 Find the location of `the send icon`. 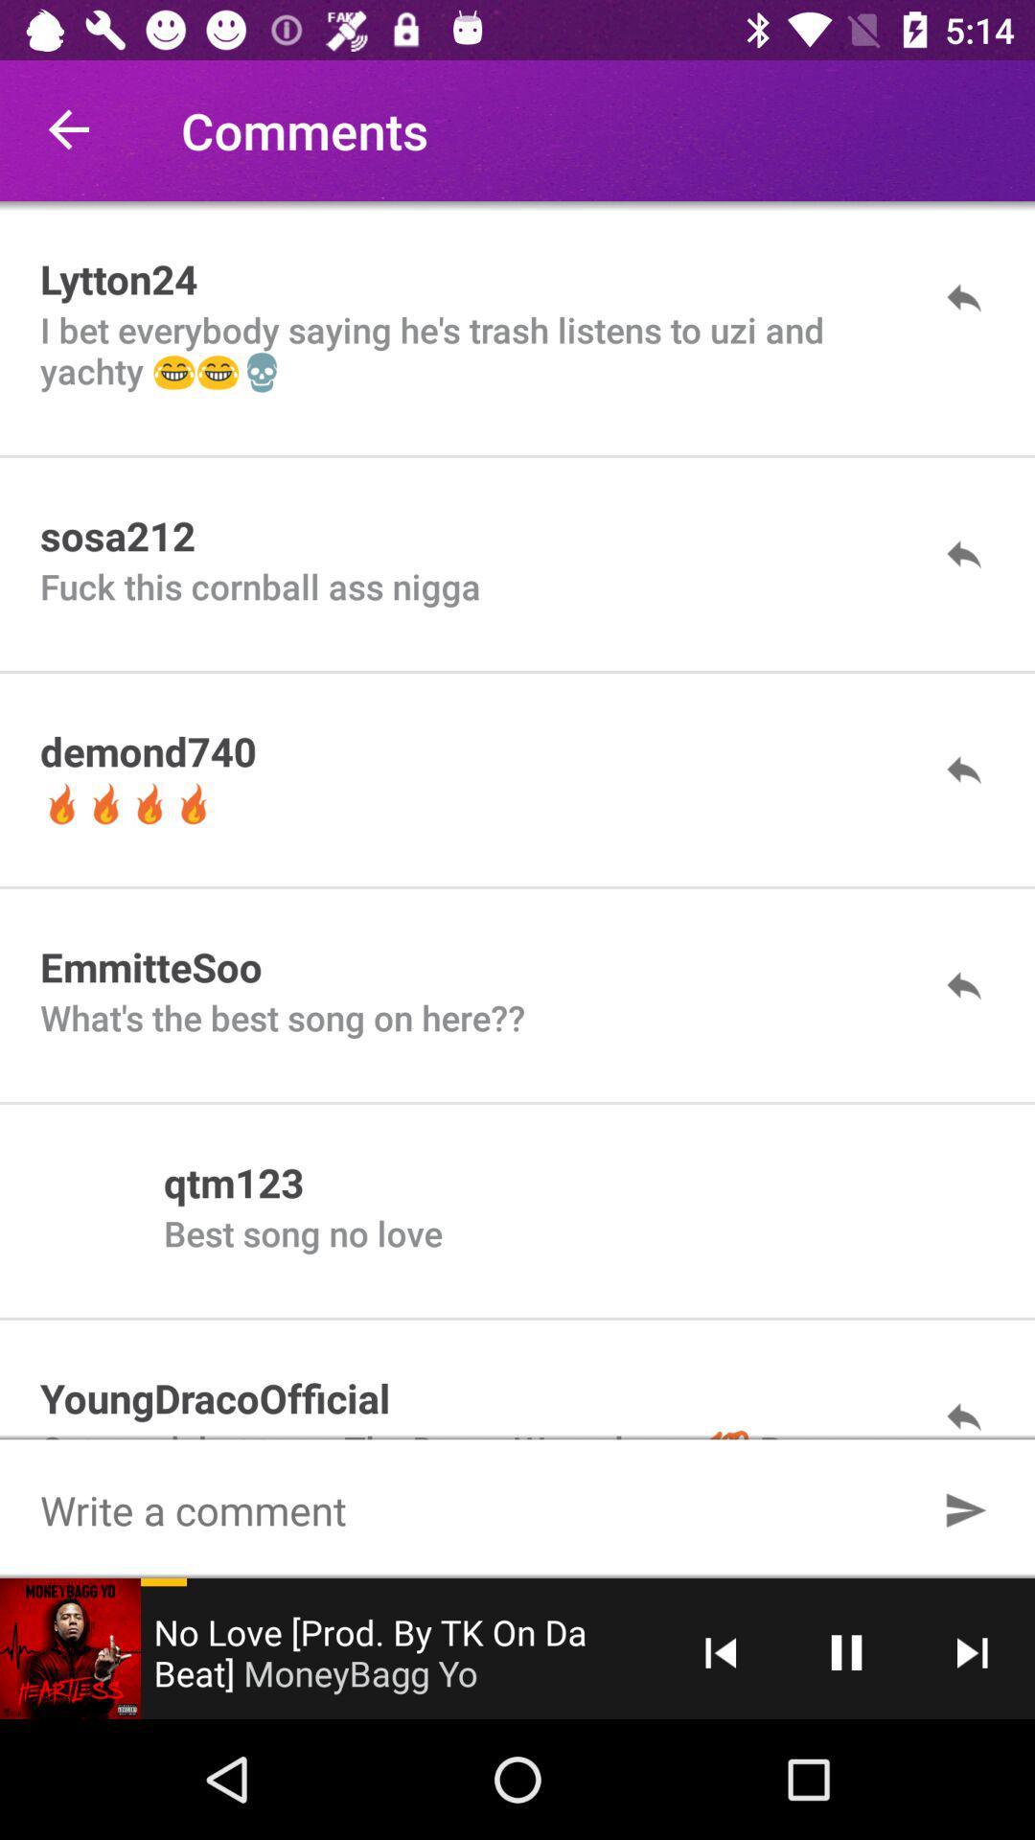

the send icon is located at coordinates (965, 1508).